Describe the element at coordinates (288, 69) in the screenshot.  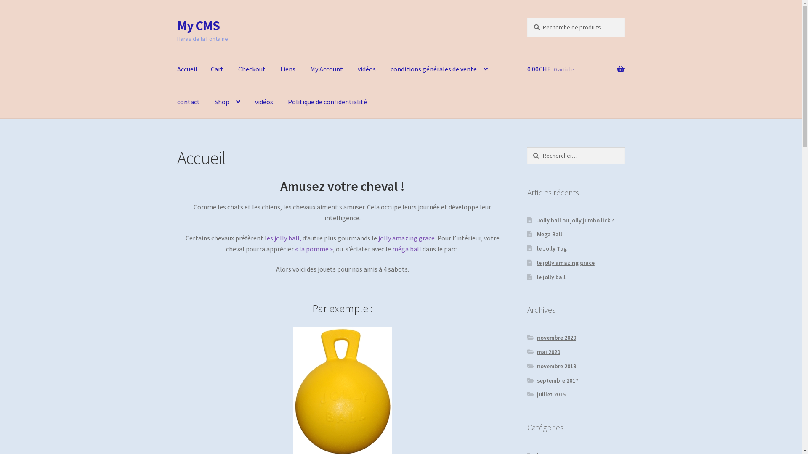
I see `'Liens'` at that location.